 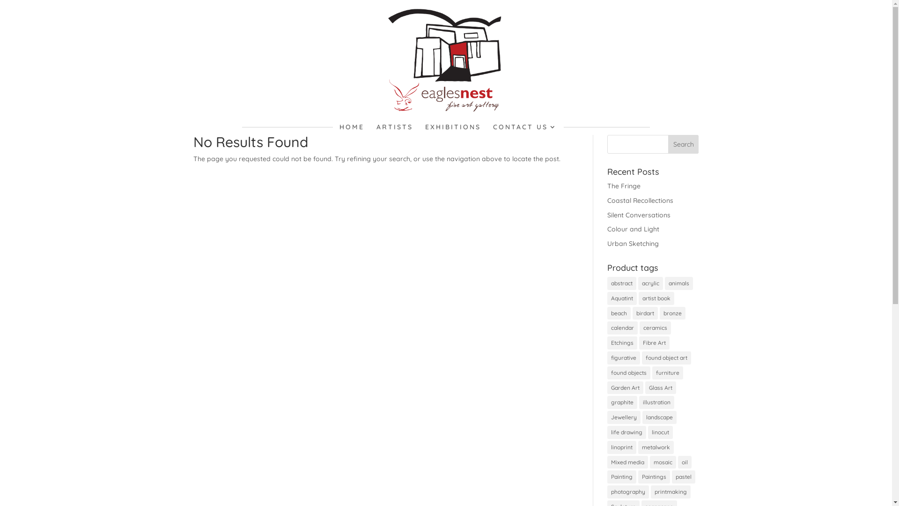 I want to click on 'graphite', so click(x=622, y=402).